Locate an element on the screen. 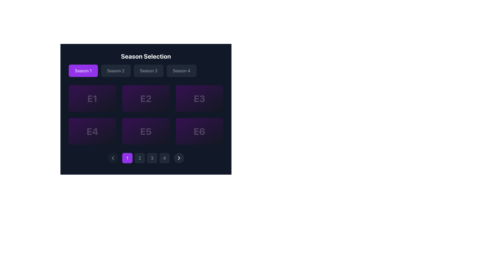 The width and height of the screenshot is (496, 279). the text label displaying 'E5' is located at coordinates (146, 131).